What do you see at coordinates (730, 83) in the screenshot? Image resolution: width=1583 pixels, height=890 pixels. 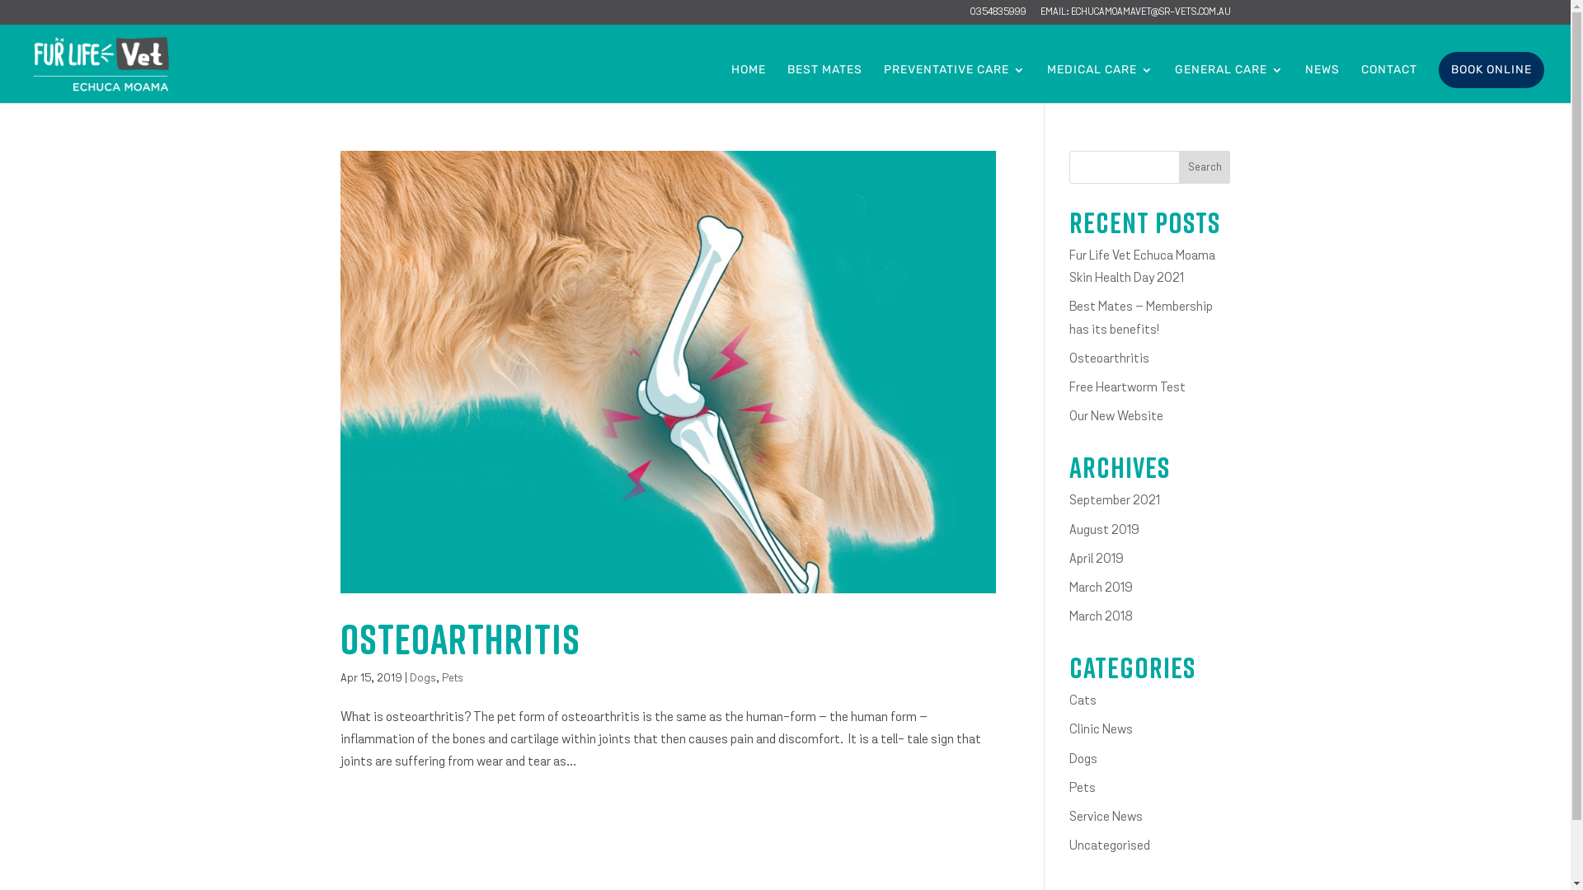 I see `'HOME'` at bounding box center [730, 83].